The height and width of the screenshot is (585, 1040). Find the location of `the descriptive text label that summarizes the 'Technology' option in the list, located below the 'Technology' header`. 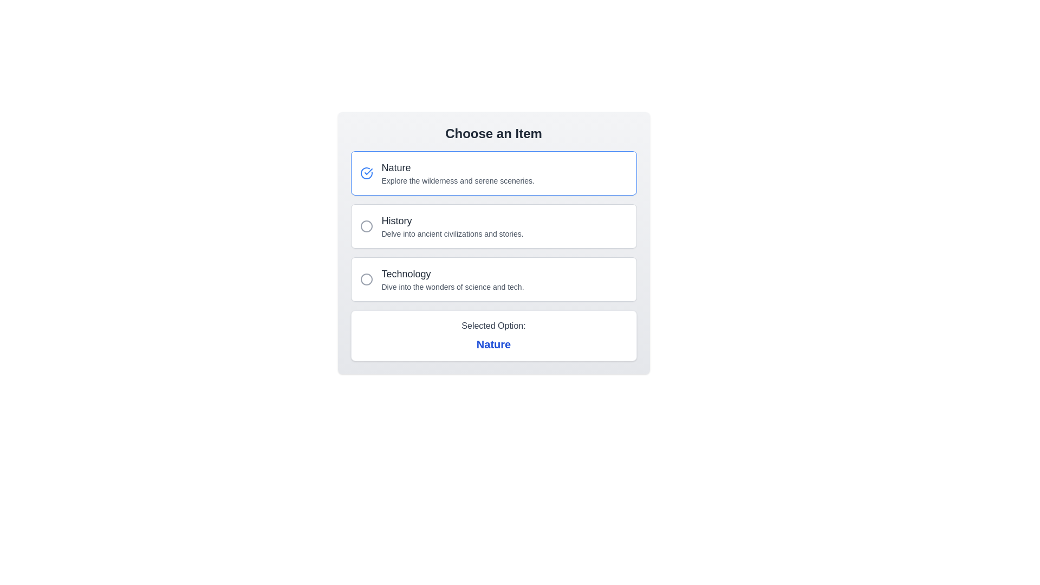

the descriptive text label that summarizes the 'Technology' option in the list, located below the 'Technology' header is located at coordinates (452, 286).